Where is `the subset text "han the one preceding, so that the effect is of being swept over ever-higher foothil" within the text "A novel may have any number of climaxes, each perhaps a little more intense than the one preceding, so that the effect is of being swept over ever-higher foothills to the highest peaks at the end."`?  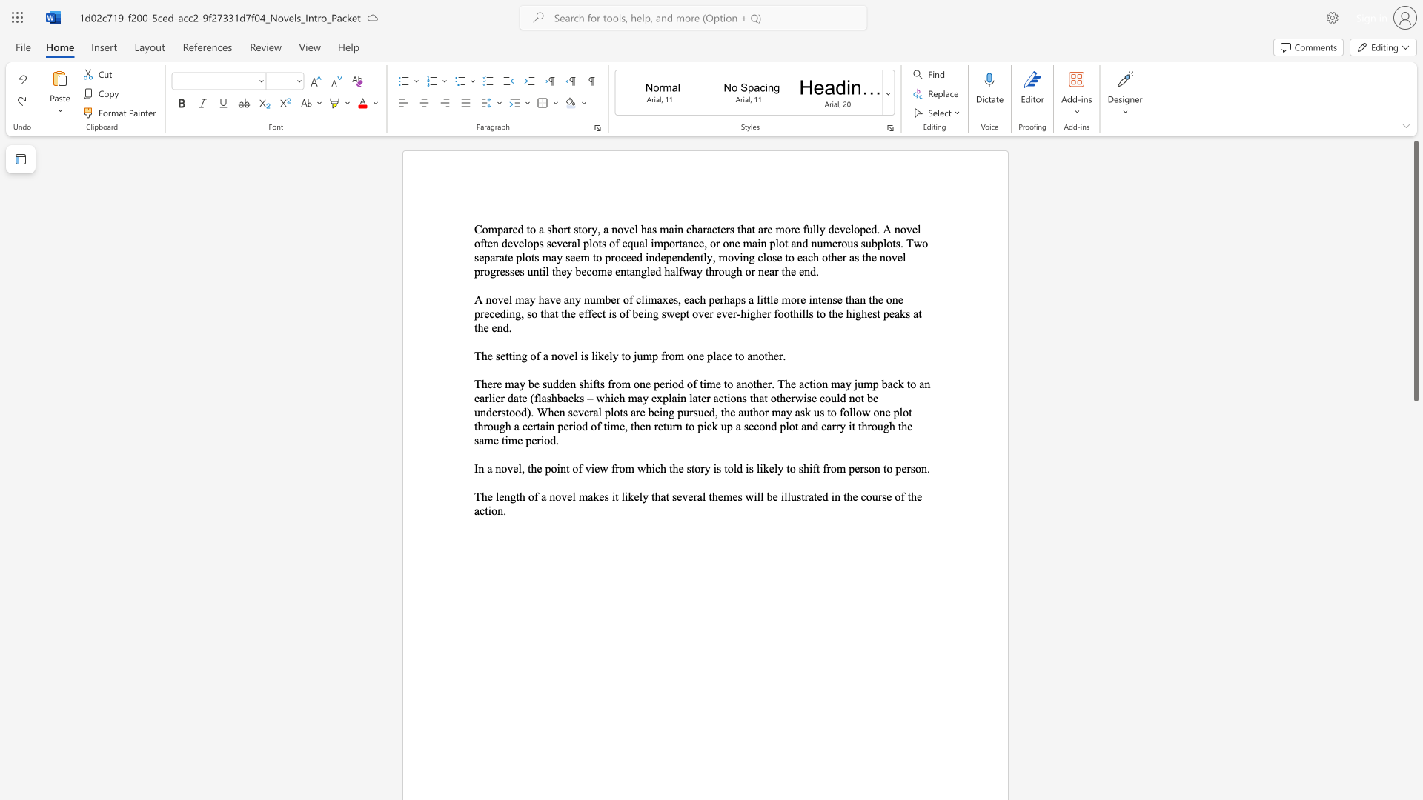
the subset text "han the one preceding, so that the effect is of being swept over ever-higher foothil" within the text "A novel may have any number of climaxes, each perhaps a little more intense than the one preceding, so that the effect is of being swept over ever-higher foothills to the highest peaks at the end." is located at coordinates (849, 299).